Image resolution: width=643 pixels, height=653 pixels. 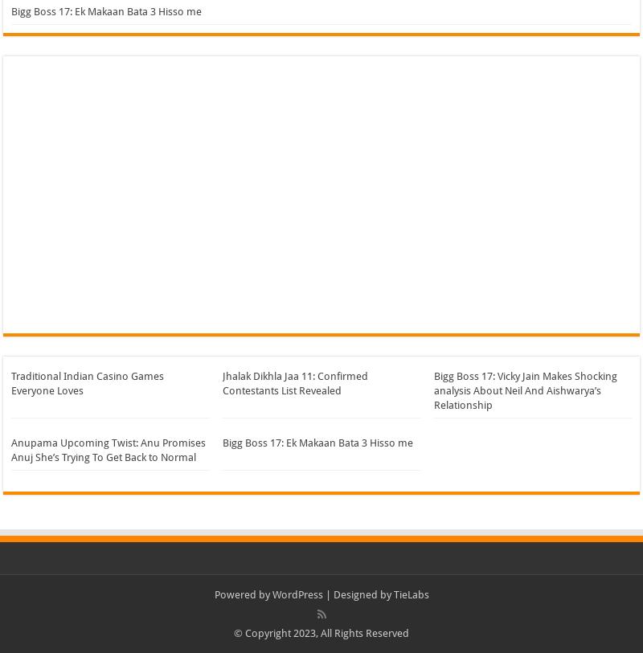 I want to click on 'Powered by', so click(x=242, y=594).